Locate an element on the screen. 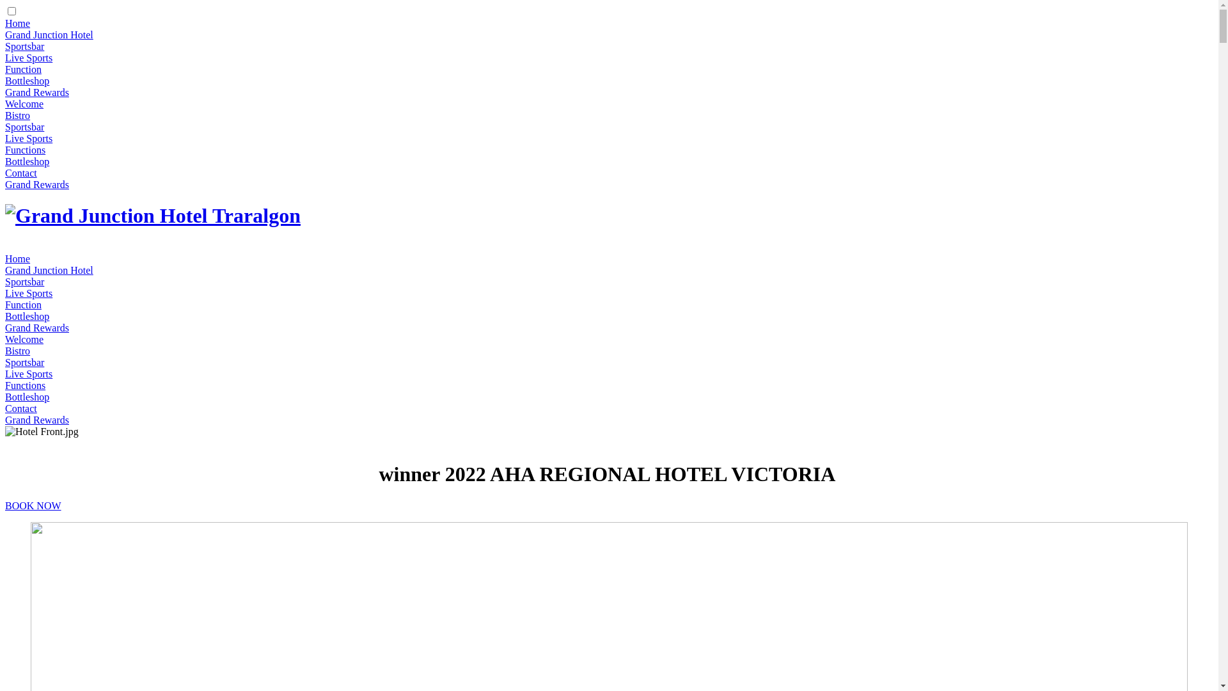  'Welcome' is located at coordinates (5, 338).